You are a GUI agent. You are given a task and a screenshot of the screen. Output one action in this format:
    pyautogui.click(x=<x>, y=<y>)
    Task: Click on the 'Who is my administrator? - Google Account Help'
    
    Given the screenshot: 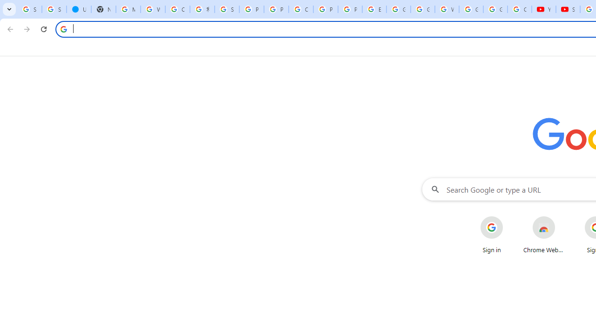 What is the action you would take?
    pyautogui.click(x=153, y=9)
    